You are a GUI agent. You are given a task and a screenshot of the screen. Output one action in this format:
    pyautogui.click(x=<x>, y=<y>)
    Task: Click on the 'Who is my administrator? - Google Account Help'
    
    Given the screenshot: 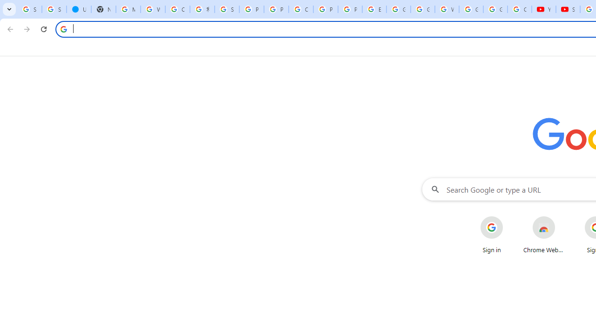 What is the action you would take?
    pyautogui.click(x=153, y=9)
    